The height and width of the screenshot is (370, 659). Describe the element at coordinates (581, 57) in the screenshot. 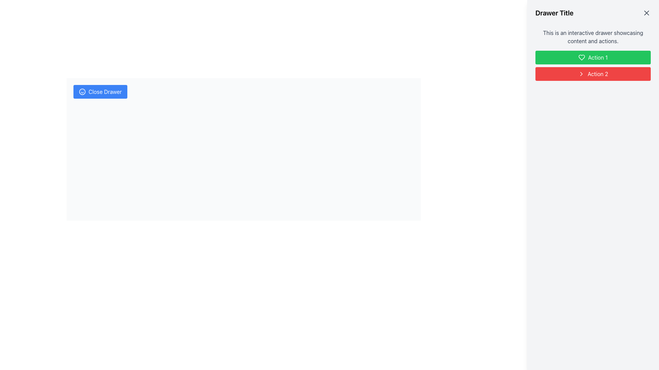

I see `the heart-shaped icon's containing button labeled 'Action 1' that is located in the right-hand interactive drawer` at that location.